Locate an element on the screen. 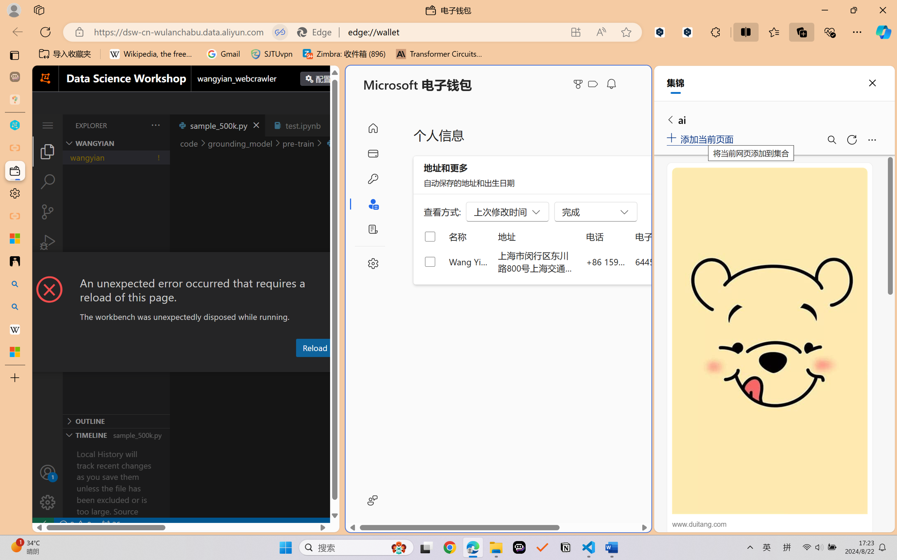 Image resolution: width=897 pixels, height=560 pixels. 'Earth - Wikipedia' is located at coordinates (14, 329).